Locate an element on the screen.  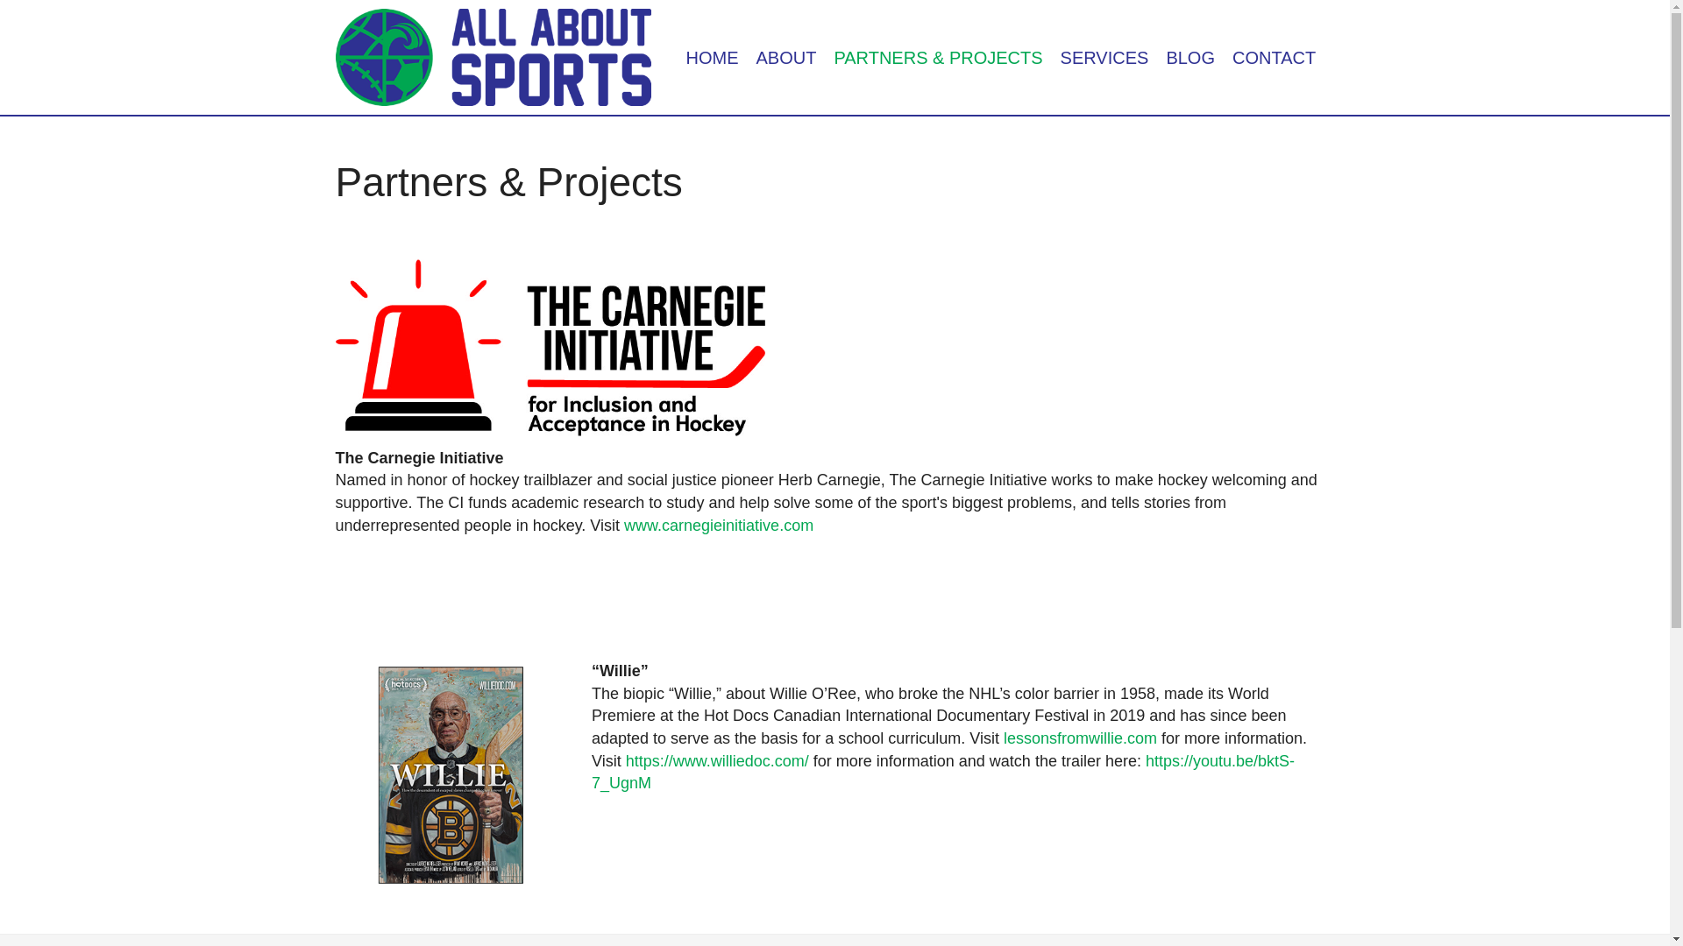
'CONTACT' is located at coordinates (1274, 56).